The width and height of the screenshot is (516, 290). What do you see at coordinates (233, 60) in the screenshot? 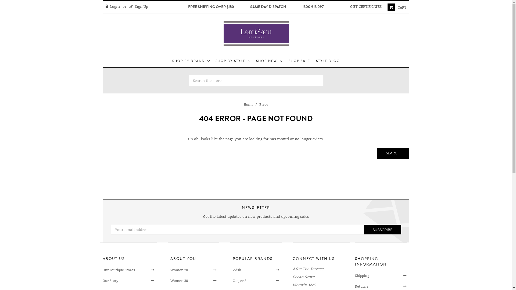
I see `'SHOP BY STYLE'` at bounding box center [233, 60].